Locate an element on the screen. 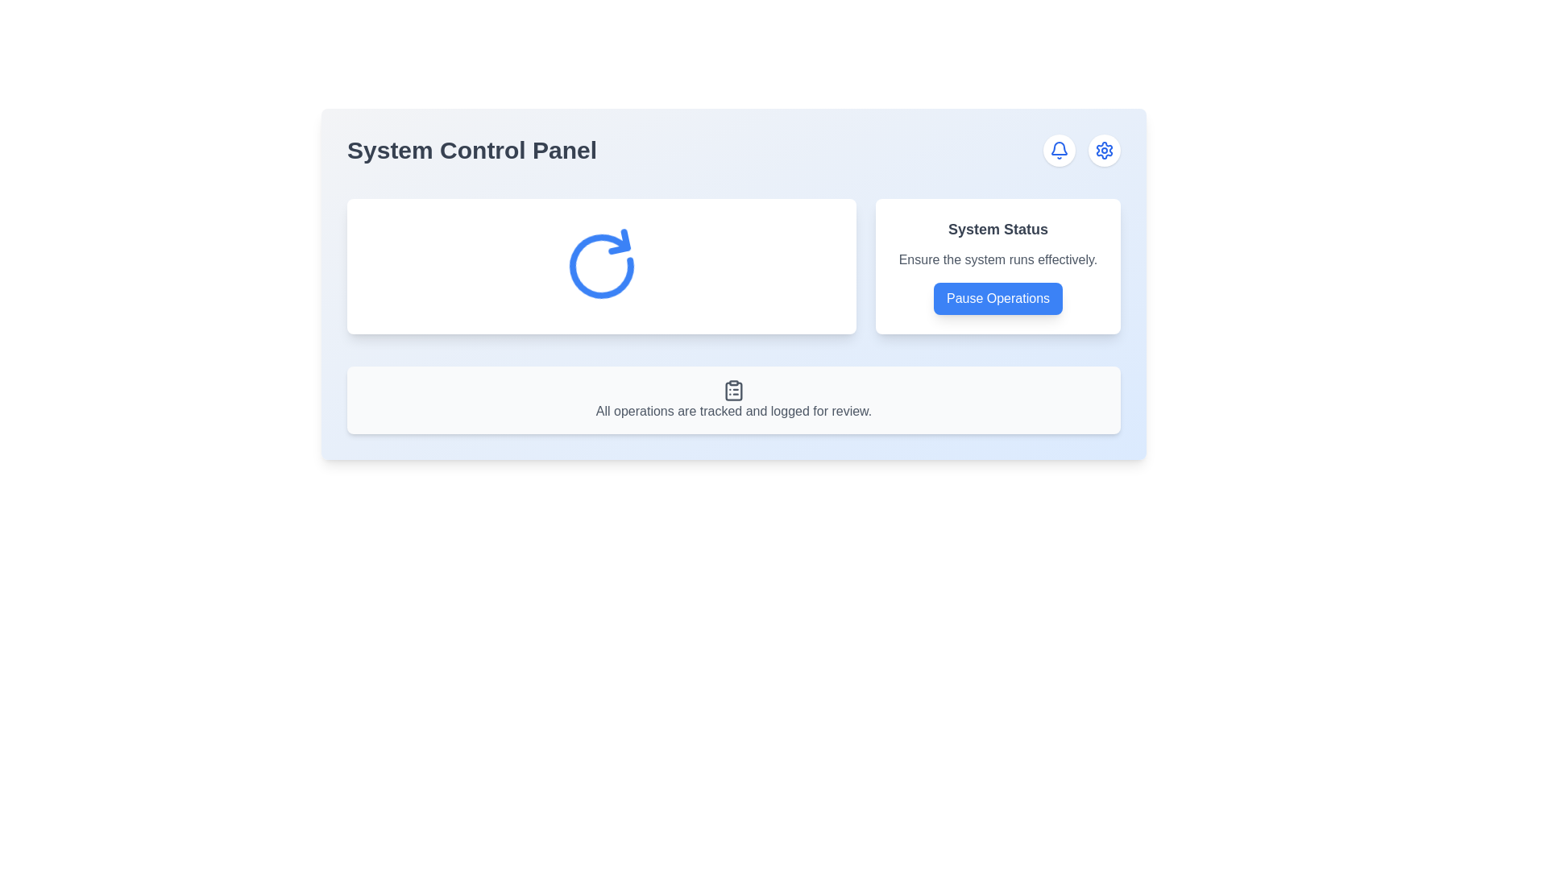  the notification bell icon located in the top-right region of the interface, which is the leftmost icon in a row of small circular icons is located at coordinates (1060, 148).